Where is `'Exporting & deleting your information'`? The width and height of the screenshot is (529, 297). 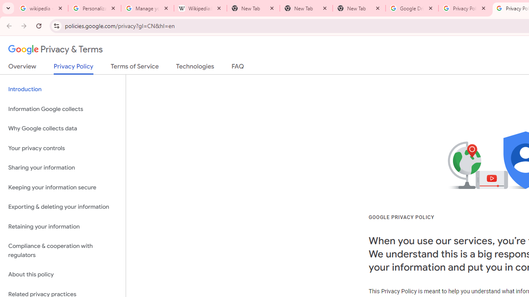 'Exporting & deleting your information' is located at coordinates (62, 207).